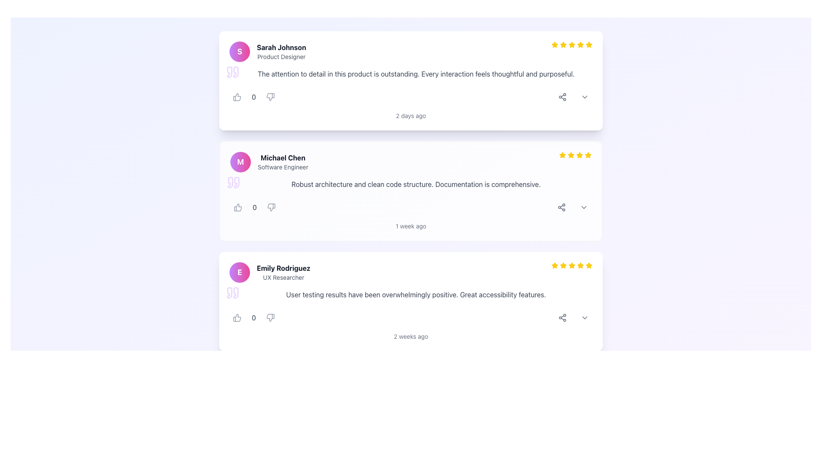 The height and width of the screenshot is (462, 822). What do you see at coordinates (254, 207) in the screenshot?
I see `the Text label displaying the count of likes or dislikes, which is located below the second listed comment and adjacent to the thumbs-up and thumbs-down icons, to associate the value with its context` at bounding box center [254, 207].